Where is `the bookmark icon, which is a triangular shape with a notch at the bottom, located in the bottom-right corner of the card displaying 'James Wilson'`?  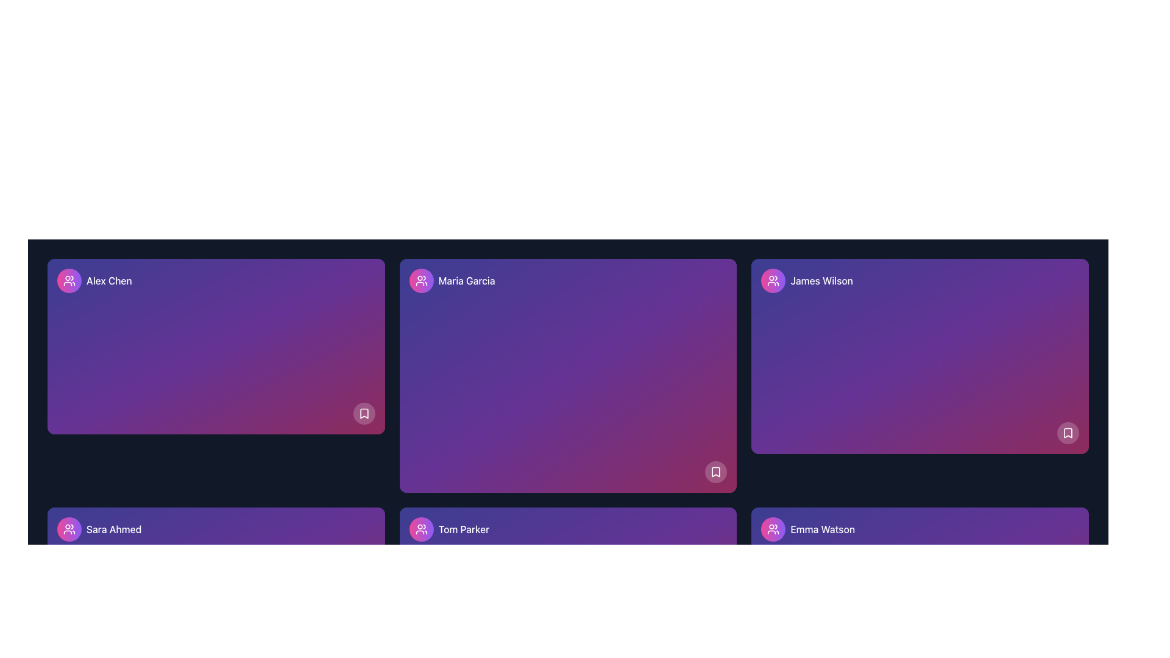 the bookmark icon, which is a triangular shape with a notch at the bottom, located in the bottom-right corner of the card displaying 'James Wilson' is located at coordinates (1067, 432).